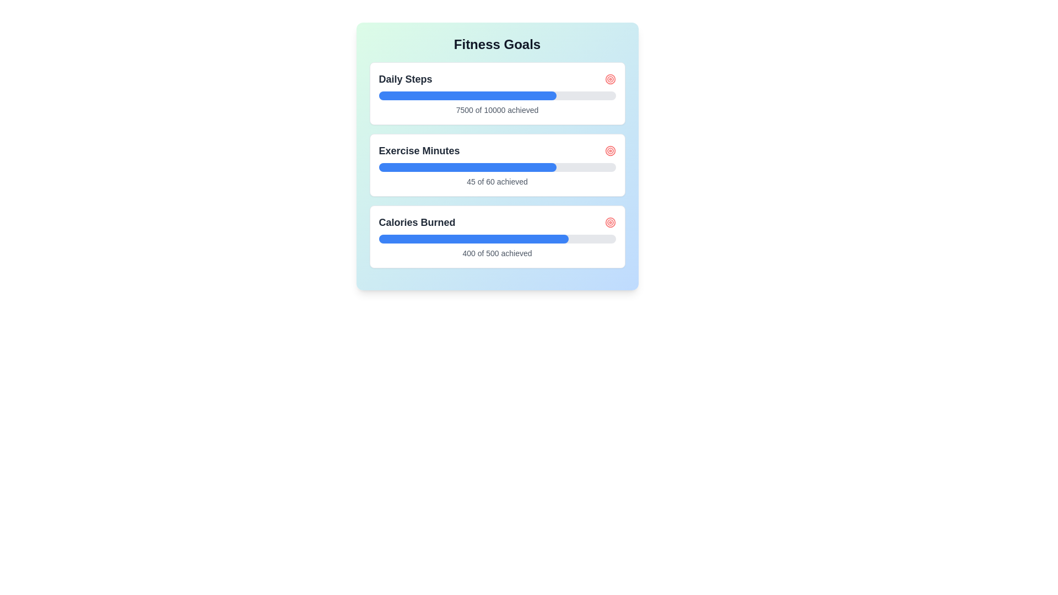 The image size is (1058, 595). What do you see at coordinates (473, 239) in the screenshot?
I see `the Progress bar segment that visually represents the user's progress toward the 'Calories Burned' goal, which is located in the bottom section of the card layout` at bounding box center [473, 239].